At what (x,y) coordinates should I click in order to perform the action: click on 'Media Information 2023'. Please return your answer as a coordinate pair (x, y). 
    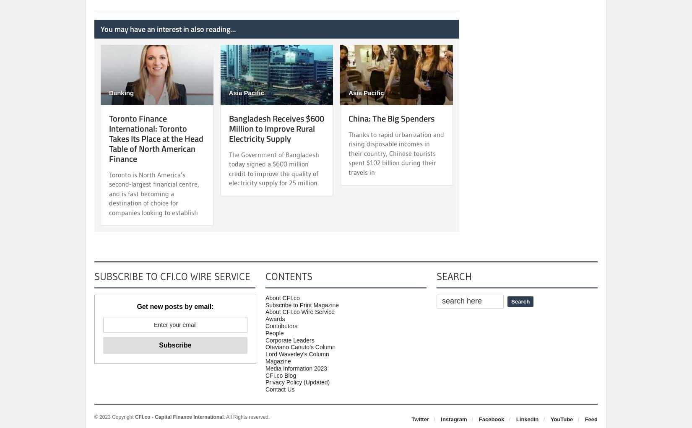
    Looking at the image, I should click on (296, 367).